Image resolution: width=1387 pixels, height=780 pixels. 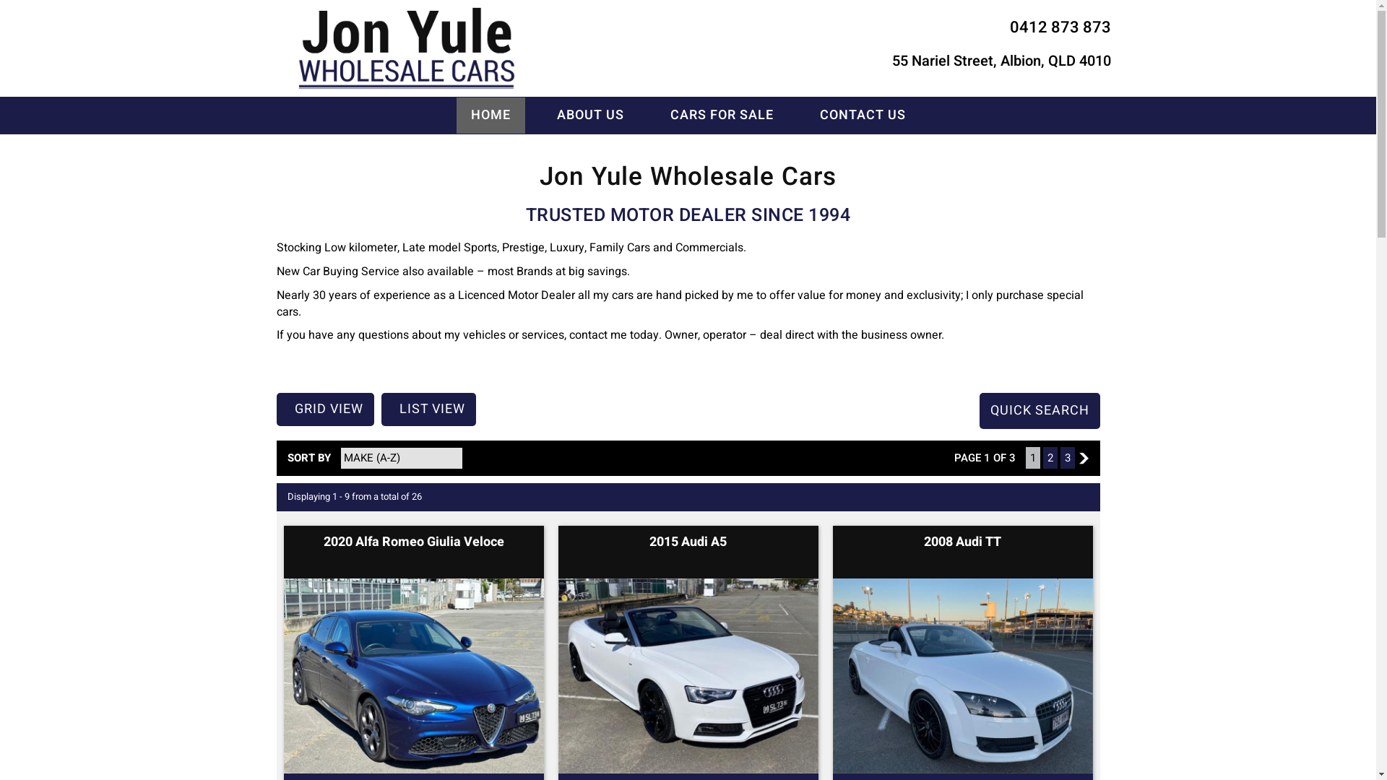 I want to click on '2008 Audi TT', so click(x=962, y=542).